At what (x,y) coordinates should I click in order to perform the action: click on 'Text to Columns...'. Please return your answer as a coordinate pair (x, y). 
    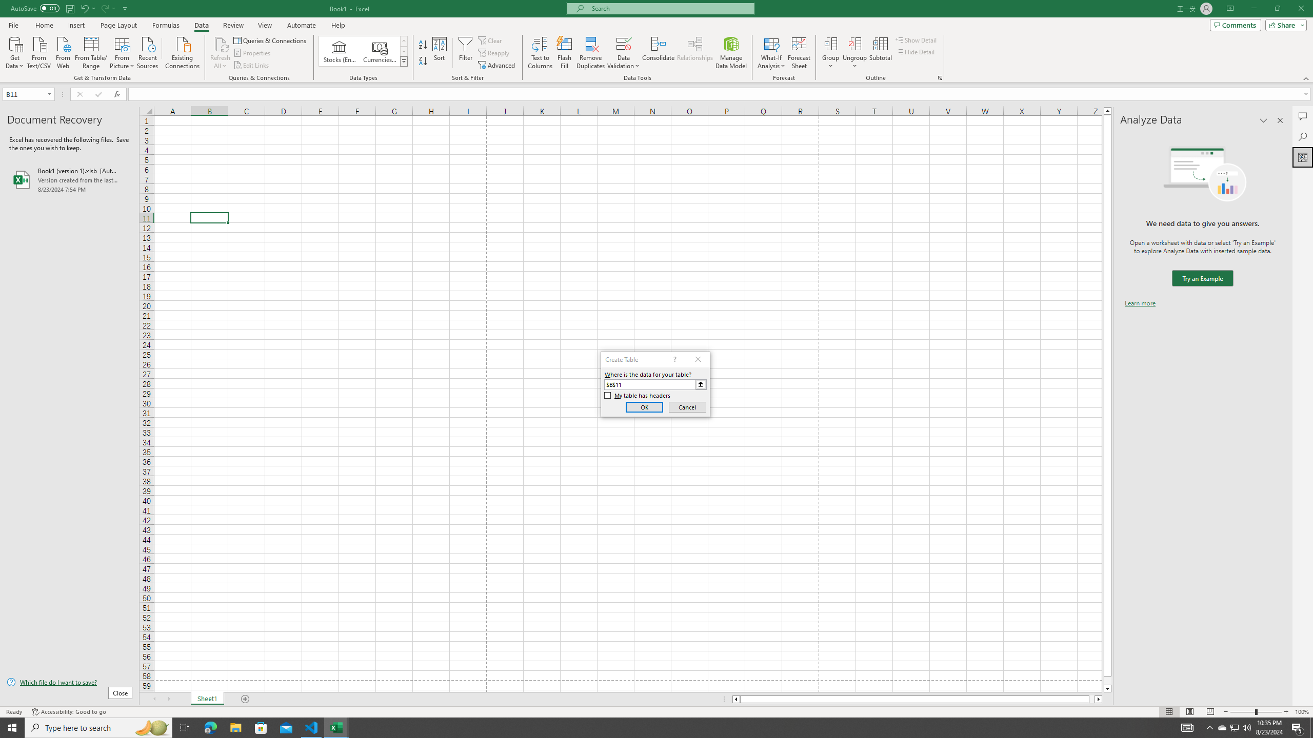
    Looking at the image, I should click on (540, 53).